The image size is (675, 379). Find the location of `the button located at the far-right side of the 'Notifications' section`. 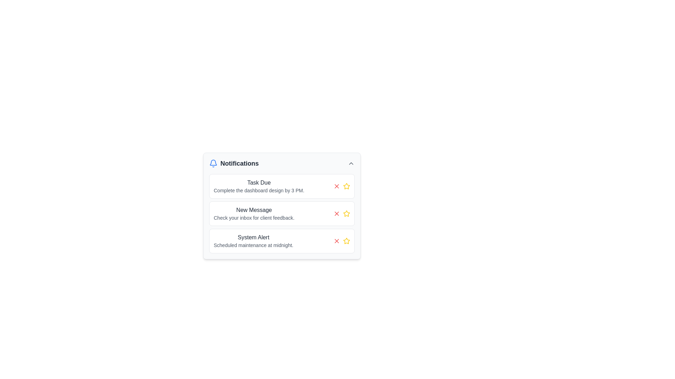

the button located at the far-right side of the 'Notifications' section is located at coordinates (351, 164).